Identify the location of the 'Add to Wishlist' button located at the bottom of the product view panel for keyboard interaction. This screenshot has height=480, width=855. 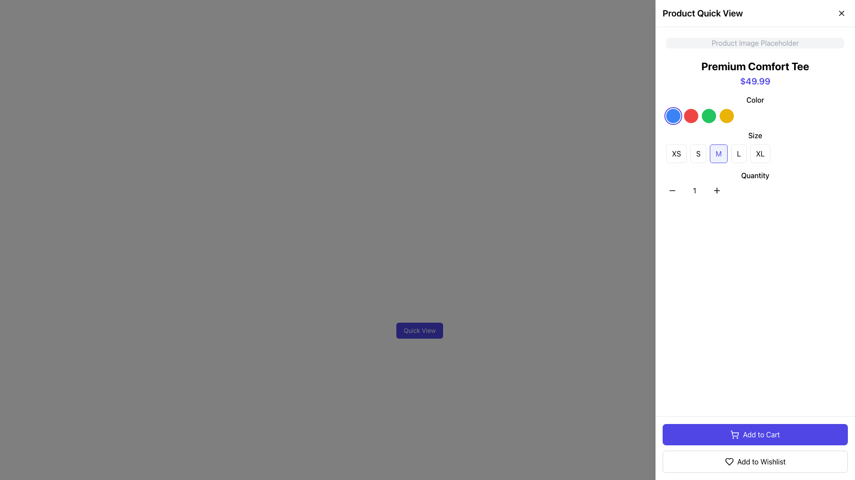
(754, 461).